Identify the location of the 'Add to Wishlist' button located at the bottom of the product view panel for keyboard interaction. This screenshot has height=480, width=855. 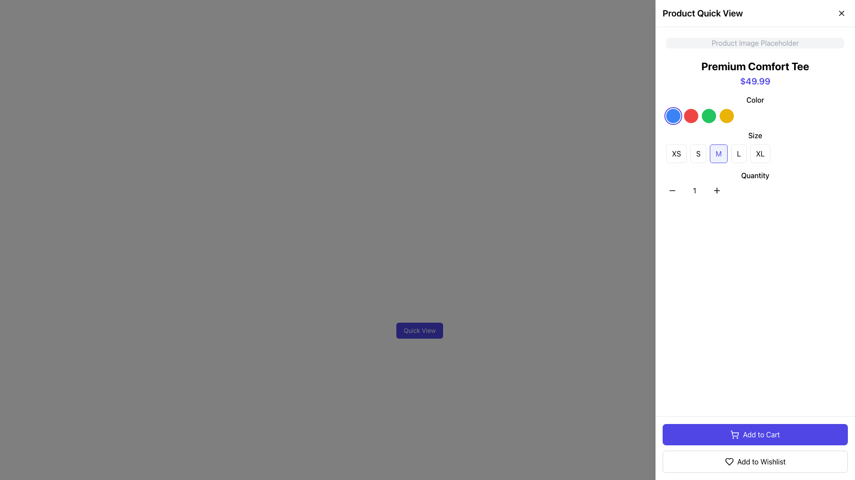
(754, 461).